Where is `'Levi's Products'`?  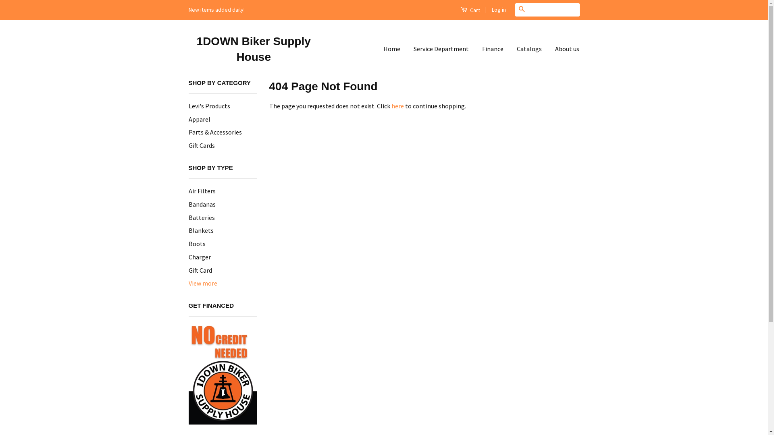
'Levi's Products' is located at coordinates (209, 105).